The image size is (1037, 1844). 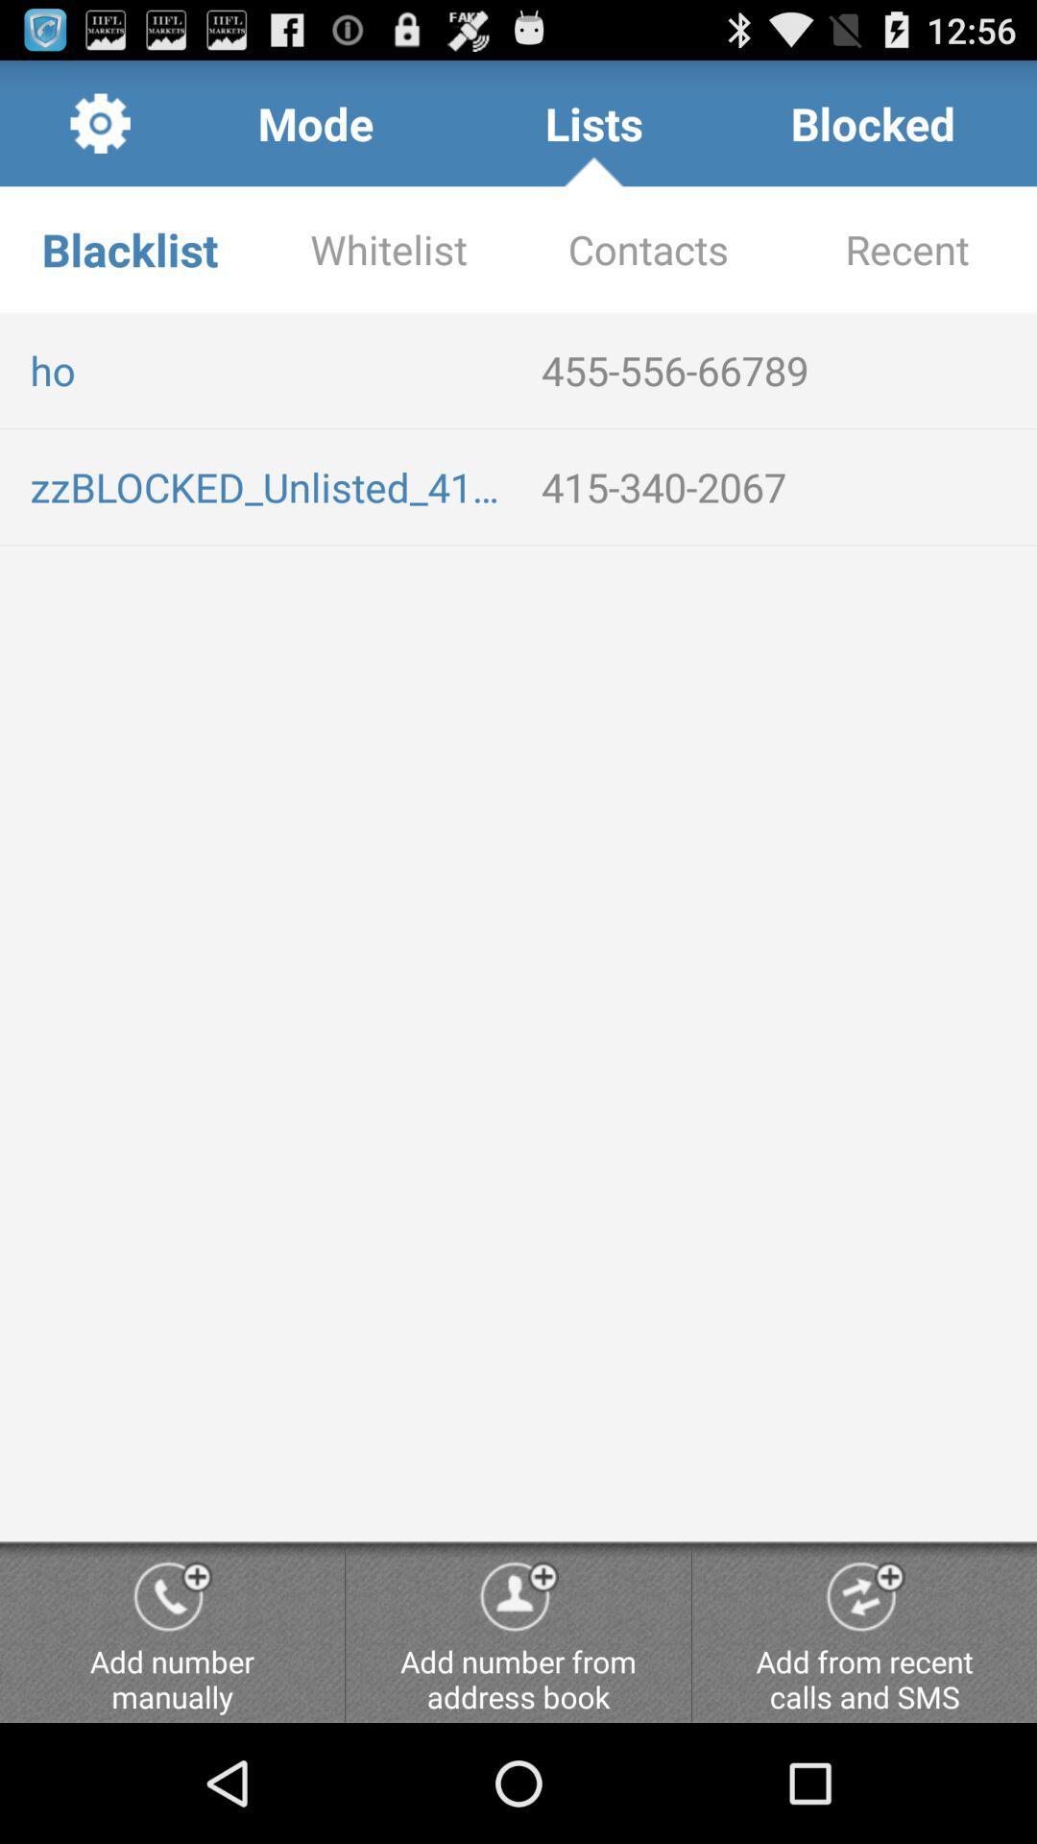 What do you see at coordinates (389, 248) in the screenshot?
I see `the whitelist app` at bounding box center [389, 248].